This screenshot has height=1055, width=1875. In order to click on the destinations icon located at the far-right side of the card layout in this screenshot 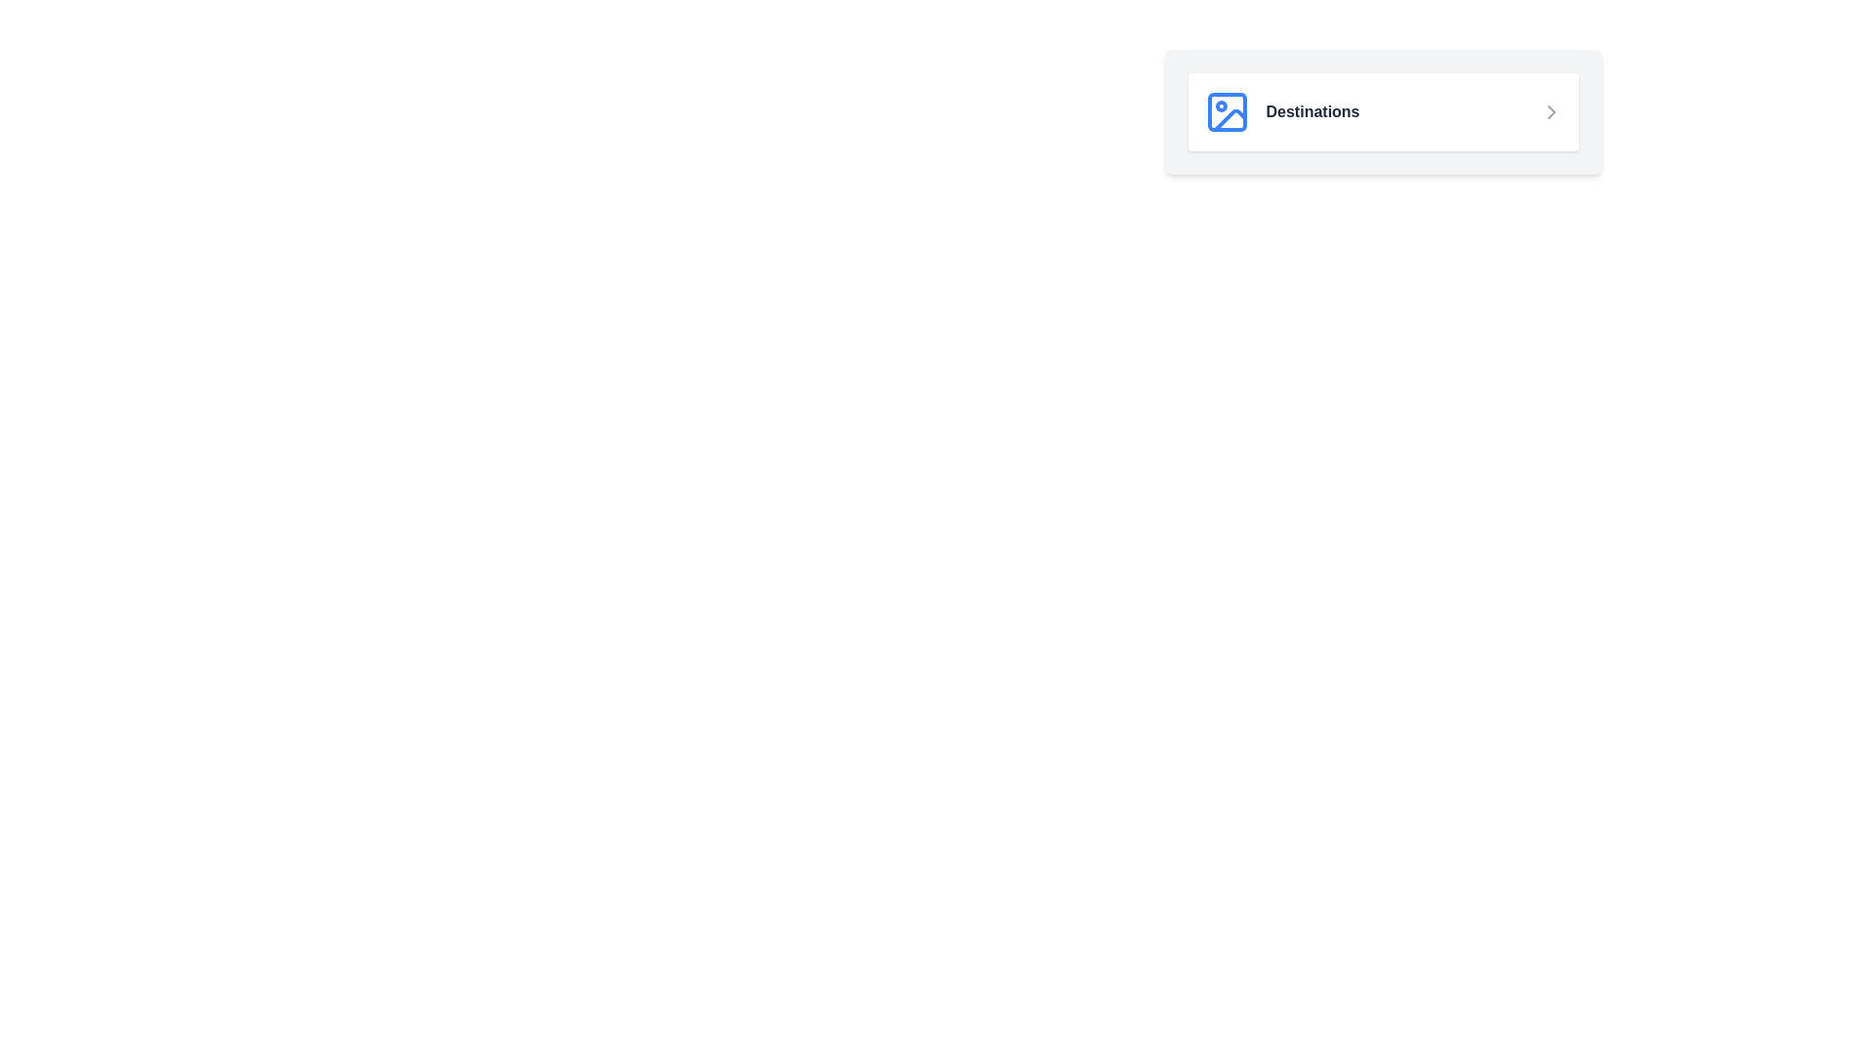, I will do `click(1550, 112)`.